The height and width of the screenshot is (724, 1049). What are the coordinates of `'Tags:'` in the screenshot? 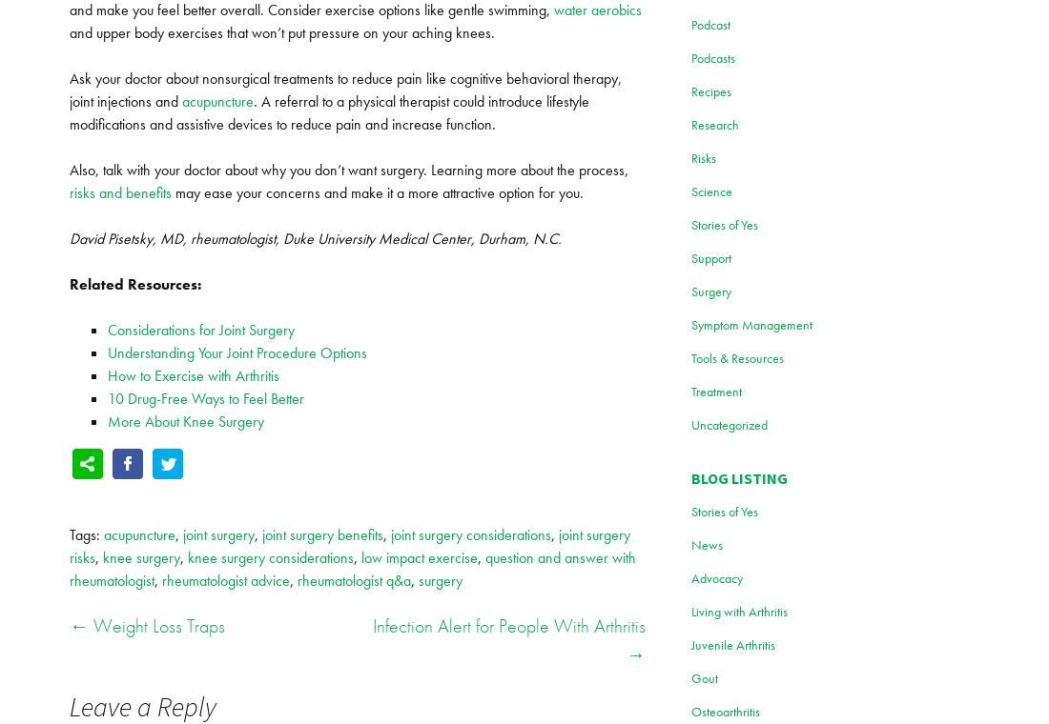 It's located at (70, 534).